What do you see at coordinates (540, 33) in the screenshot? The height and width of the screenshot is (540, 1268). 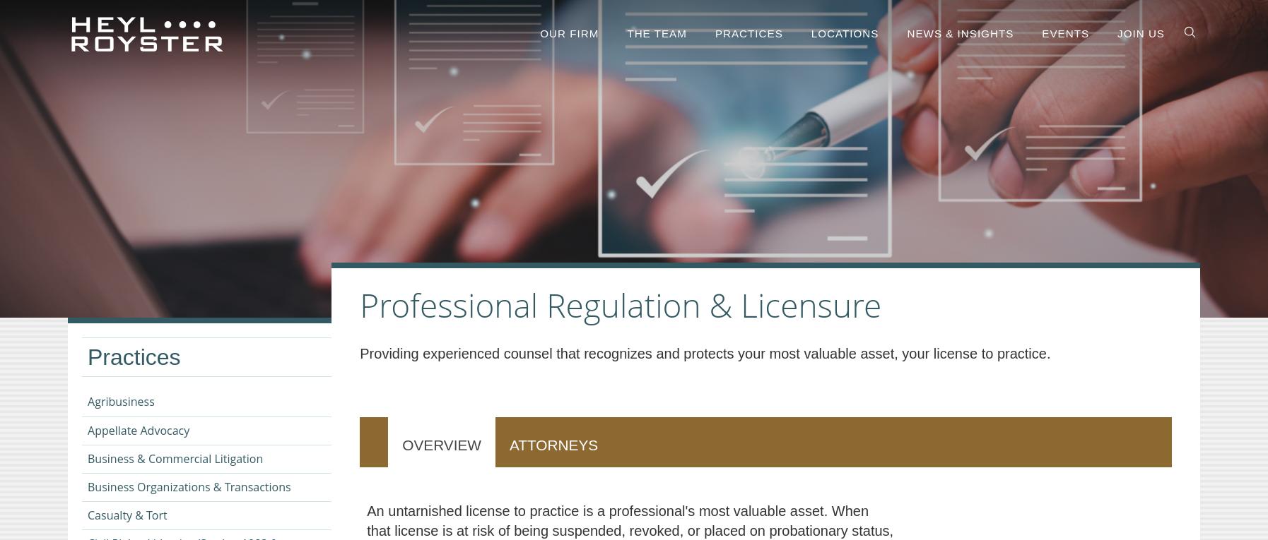 I see `'Our firm'` at bounding box center [540, 33].